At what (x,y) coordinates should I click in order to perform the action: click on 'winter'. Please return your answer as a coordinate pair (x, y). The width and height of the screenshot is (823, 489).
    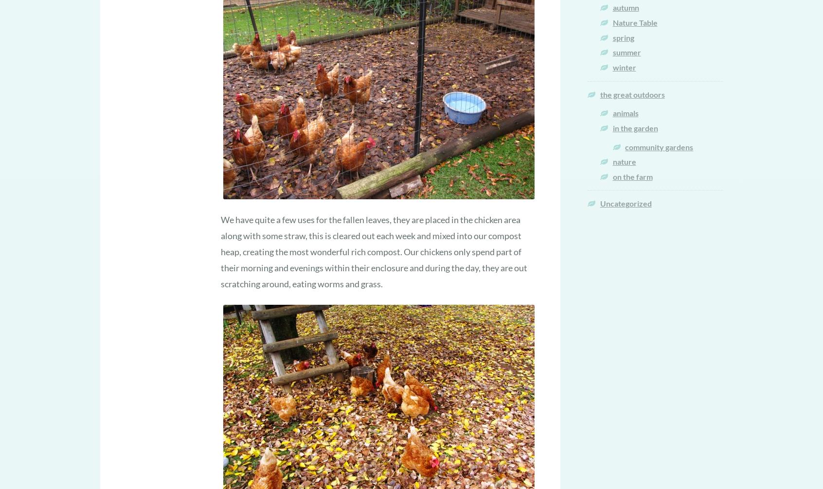
    Looking at the image, I should click on (624, 67).